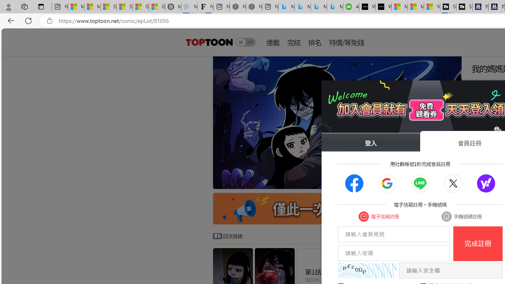 The height and width of the screenshot is (284, 505). Describe the element at coordinates (486, 183) in the screenshot. I see `'Class: socialBtn actionSocialJoinBtn'` at that location.